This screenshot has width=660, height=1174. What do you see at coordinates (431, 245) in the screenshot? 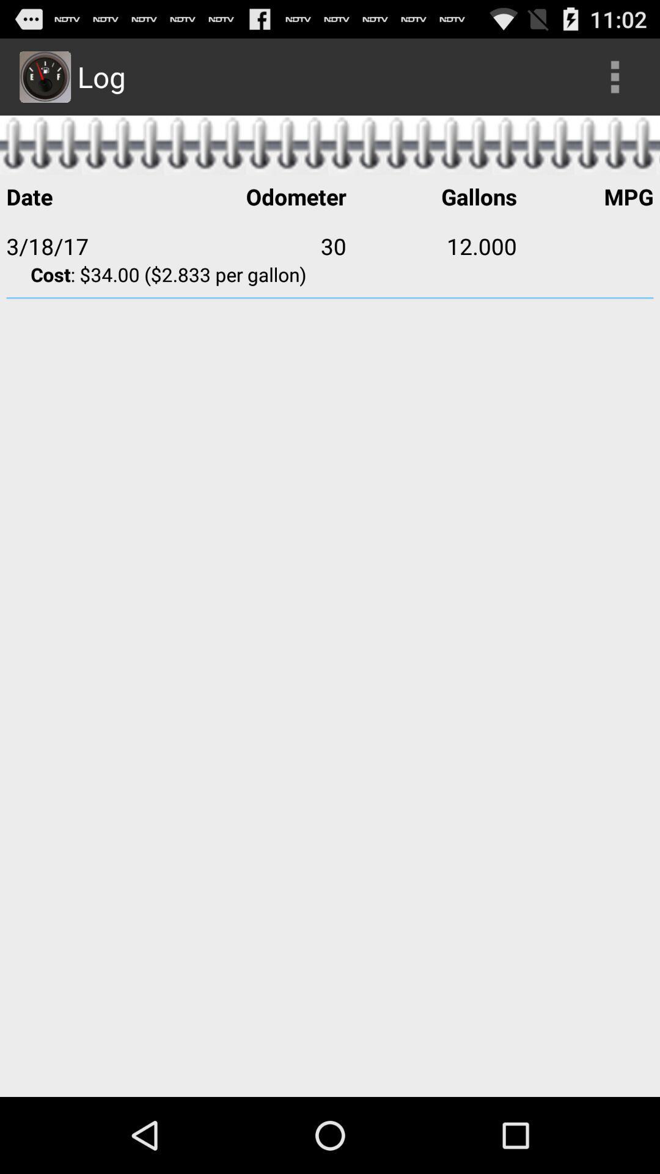
I see `the item next to the 30 app` at bounding box center [431, 245].